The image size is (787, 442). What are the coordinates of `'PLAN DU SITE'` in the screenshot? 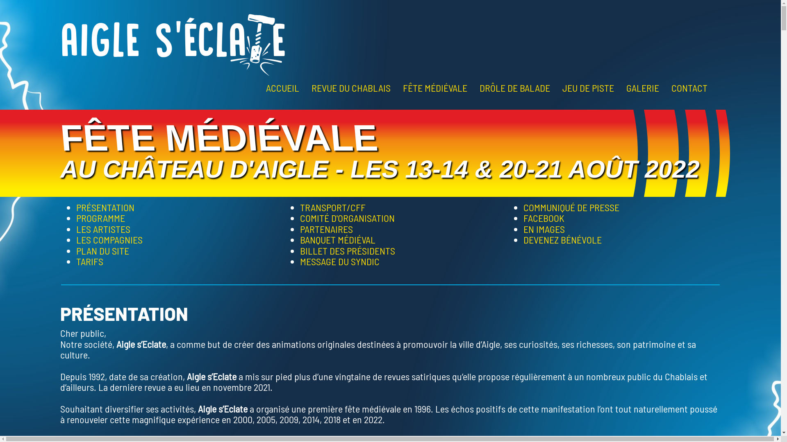 It's located at (102, 250).